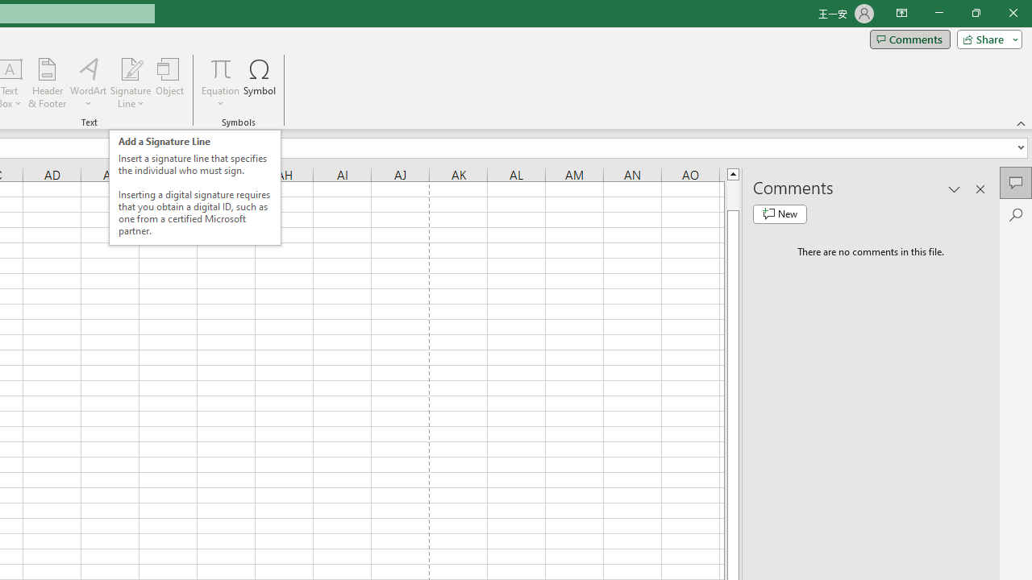 This screenshot has height=580, width=1032. I want to click on 'Signature Line', so click(130, 68).